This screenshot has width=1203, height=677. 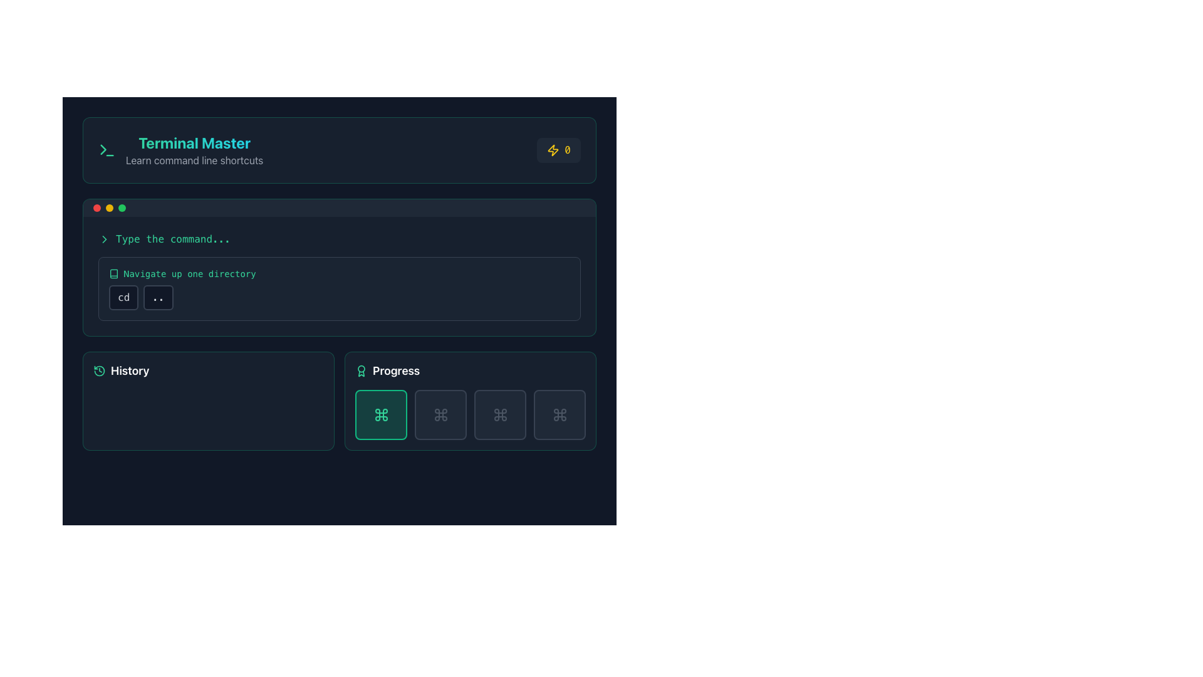 I want to click on the rectangular button labeled 'cd' with a dark background and light-colored text, located in the card section under the heading 'Type the command...', so click(x=123, y=297).